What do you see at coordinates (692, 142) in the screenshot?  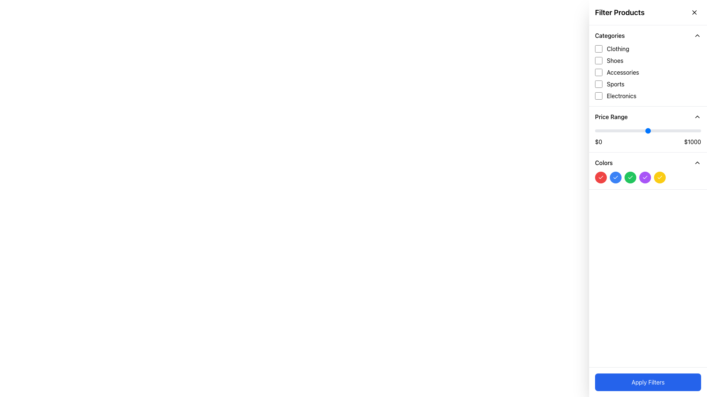 I see `the static label displaying the monetary amount '$1000', which is styled in black text on a white background and is aligned to the right of the 'Price Range' slider` at bounding box center [692, 142].